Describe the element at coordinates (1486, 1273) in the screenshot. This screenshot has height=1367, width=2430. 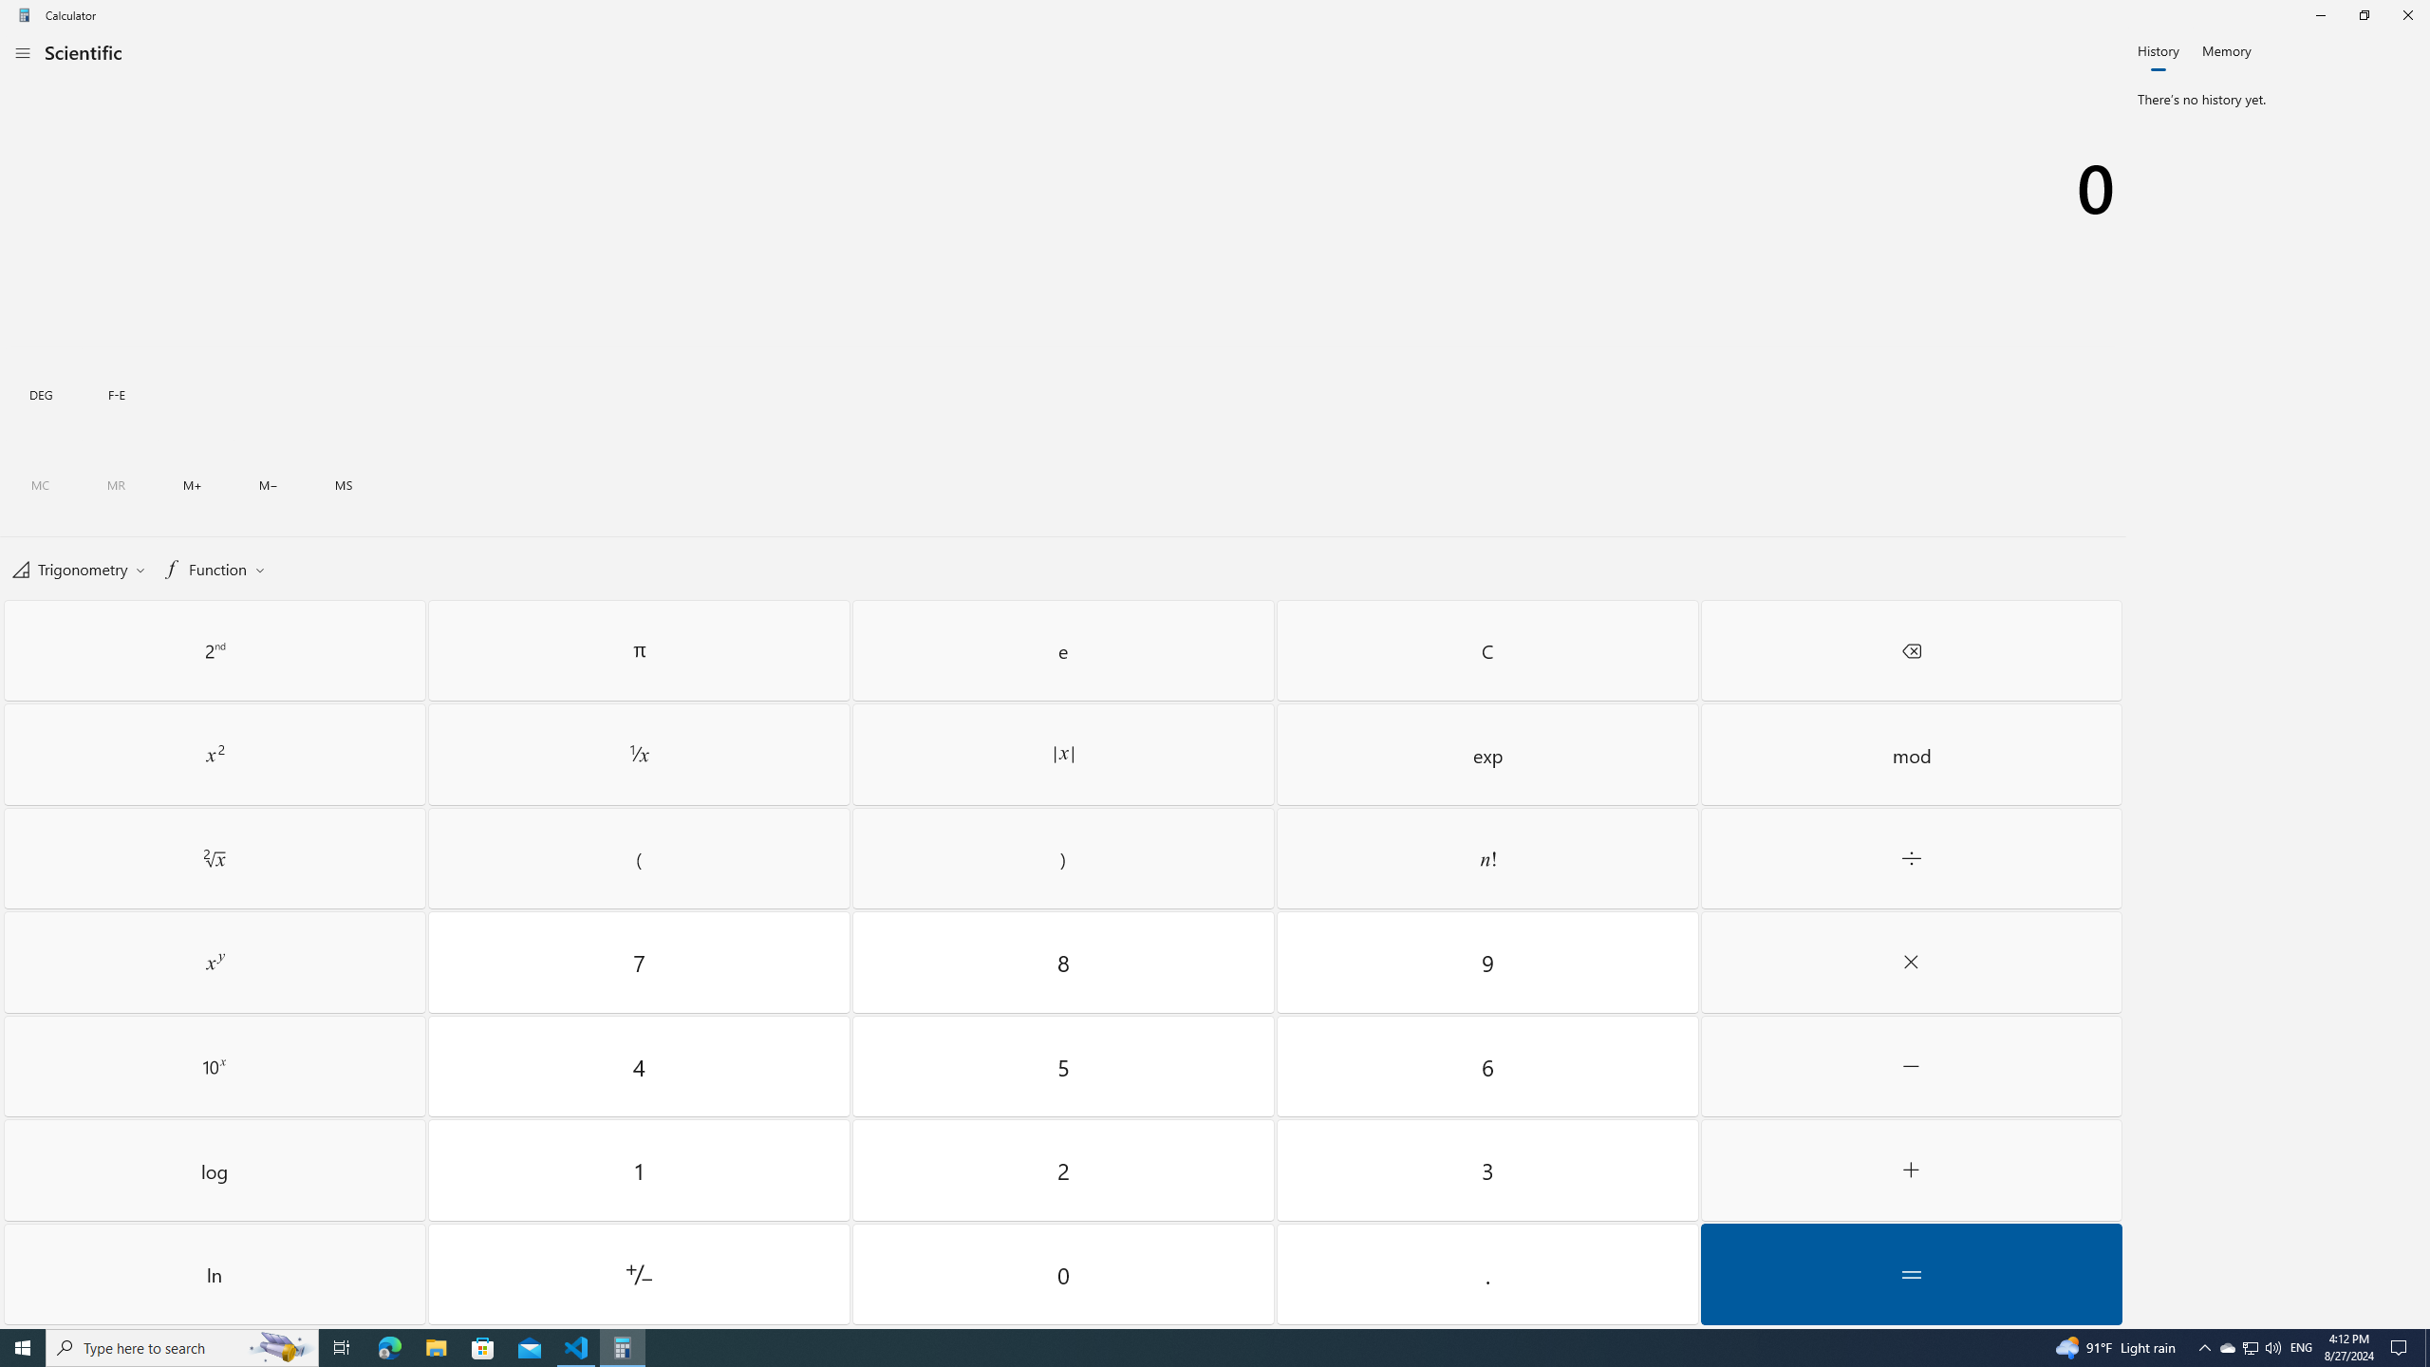
I see `'Decimal separator'` at that location.